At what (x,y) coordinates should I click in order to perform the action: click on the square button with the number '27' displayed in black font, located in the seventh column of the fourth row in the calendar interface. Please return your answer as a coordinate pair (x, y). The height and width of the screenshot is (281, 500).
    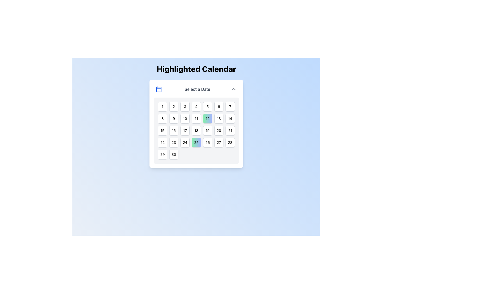
    Looking at the image, I should click on (219, 142).